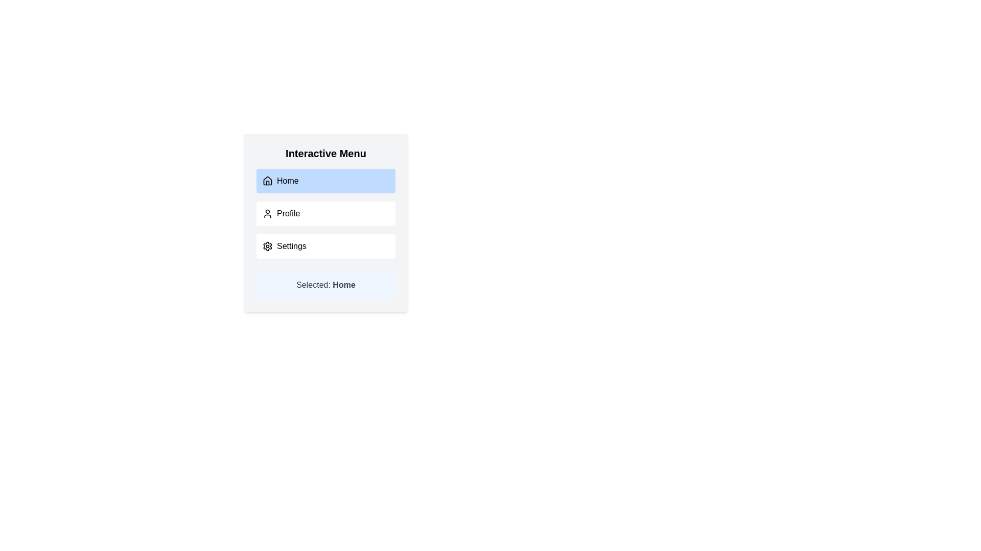 The width and height of the screenshot is (981, 551). I want to click on the 'Profile' navigation button located in the 'Interactive Menu' section, which is the second item in a vertical list, so click(325, 213).